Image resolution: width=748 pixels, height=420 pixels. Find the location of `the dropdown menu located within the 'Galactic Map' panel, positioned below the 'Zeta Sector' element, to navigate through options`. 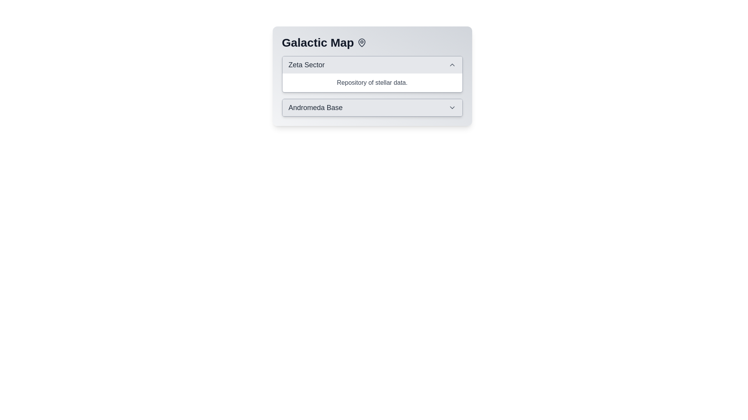

the dropdown menu located within the 'Galactic Map' panel, positioned below the 'Zeta Sector' element, to navigate through options is located at coordinates (372, 108).